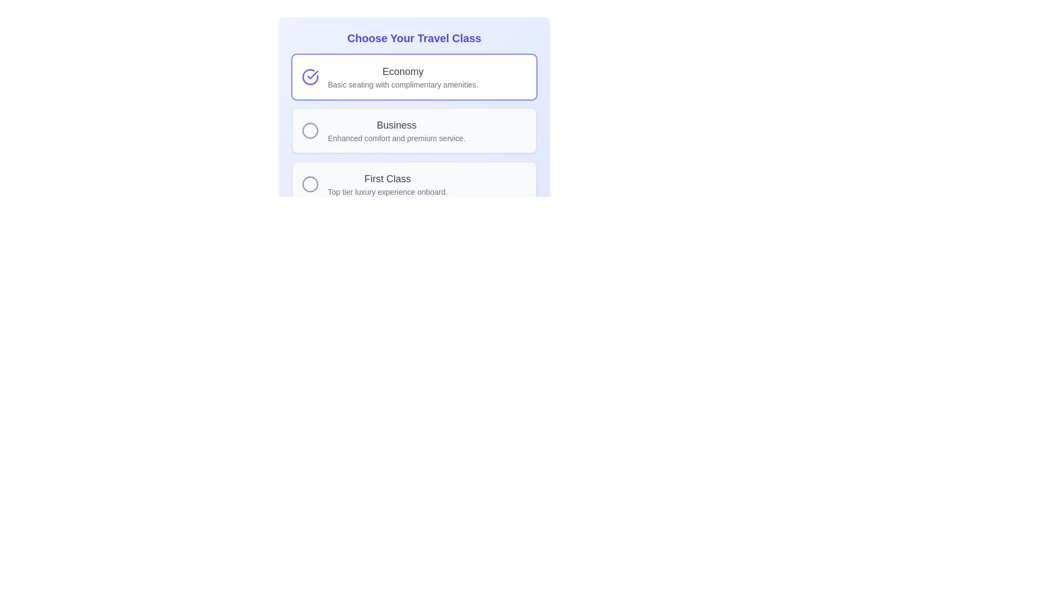  I want to click on the confirmatory icon for the 'Economy' option in the travel class selection interface, which is located to the left of the labels 'Economy' and 'Basic seating with complimentary amenities.', so click(314, 77).